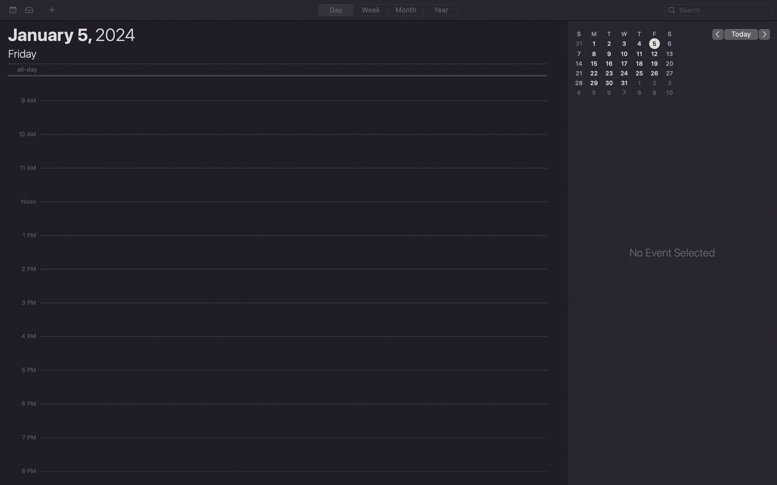 This screenshot has height=485, width=777. What do you see at coordinates (638, 44) in the screenshot?
I see `the date 4` at bounding box center [638, 44].